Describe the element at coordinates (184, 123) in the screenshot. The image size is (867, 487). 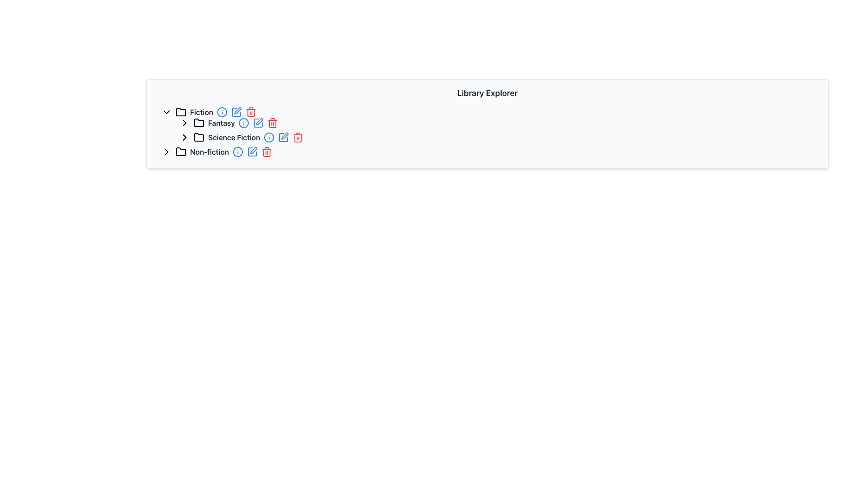
I see `the chevron arrow icon that expands or navigates further into the 'Fantasy' folder section in the navigation panel` at that location.